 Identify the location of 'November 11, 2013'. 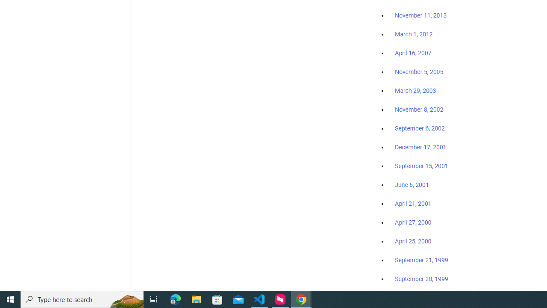
(421, 16).